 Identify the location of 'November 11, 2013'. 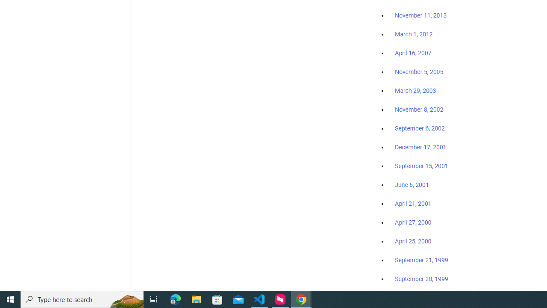
(421, 16).